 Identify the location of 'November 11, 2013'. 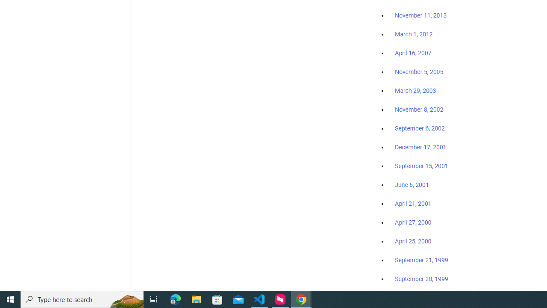
(421, 16).